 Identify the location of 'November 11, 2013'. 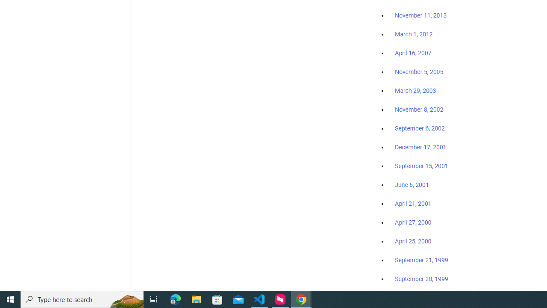
(421, 16).